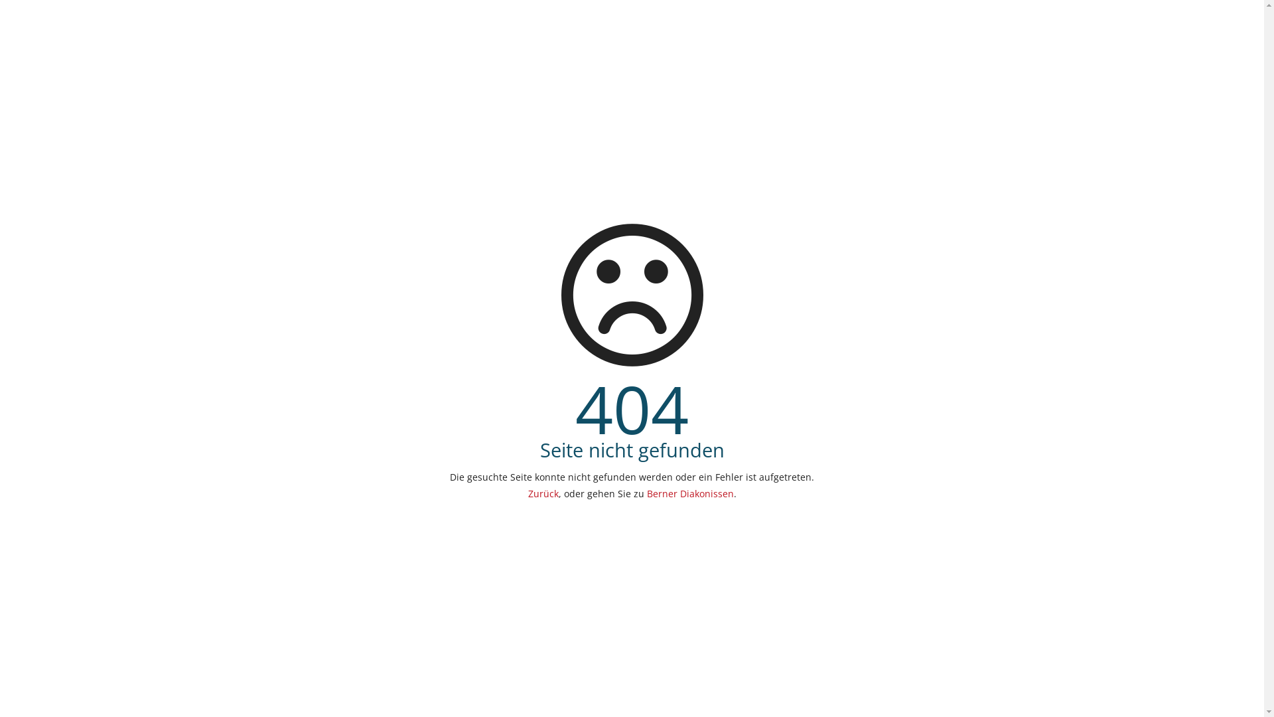 The image size is (1274, 717). Describe the element at coordinates (689, 493) in the screenshot. I see `'Berner Diakonissen'` at that location.